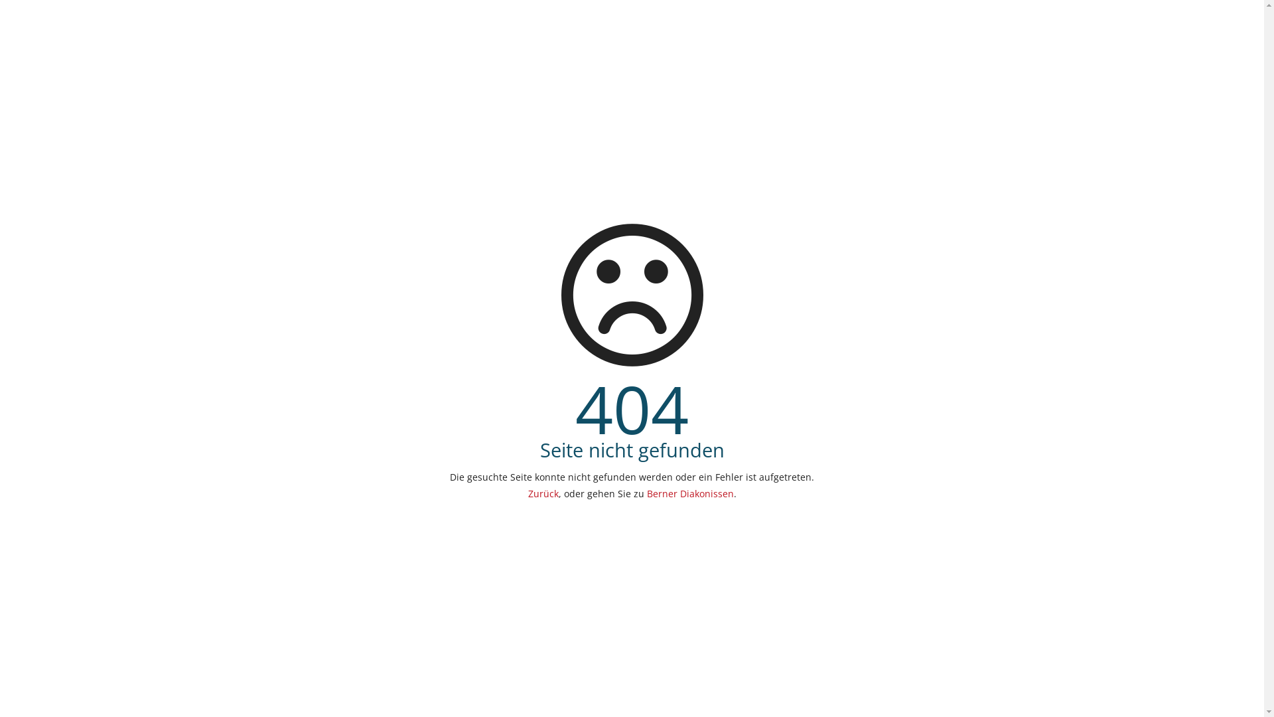 The image size is (1274, 717). Describe the element at coordinates (689, 493) in the screenshot. I see `'Berner Diakonissen'` at that location.